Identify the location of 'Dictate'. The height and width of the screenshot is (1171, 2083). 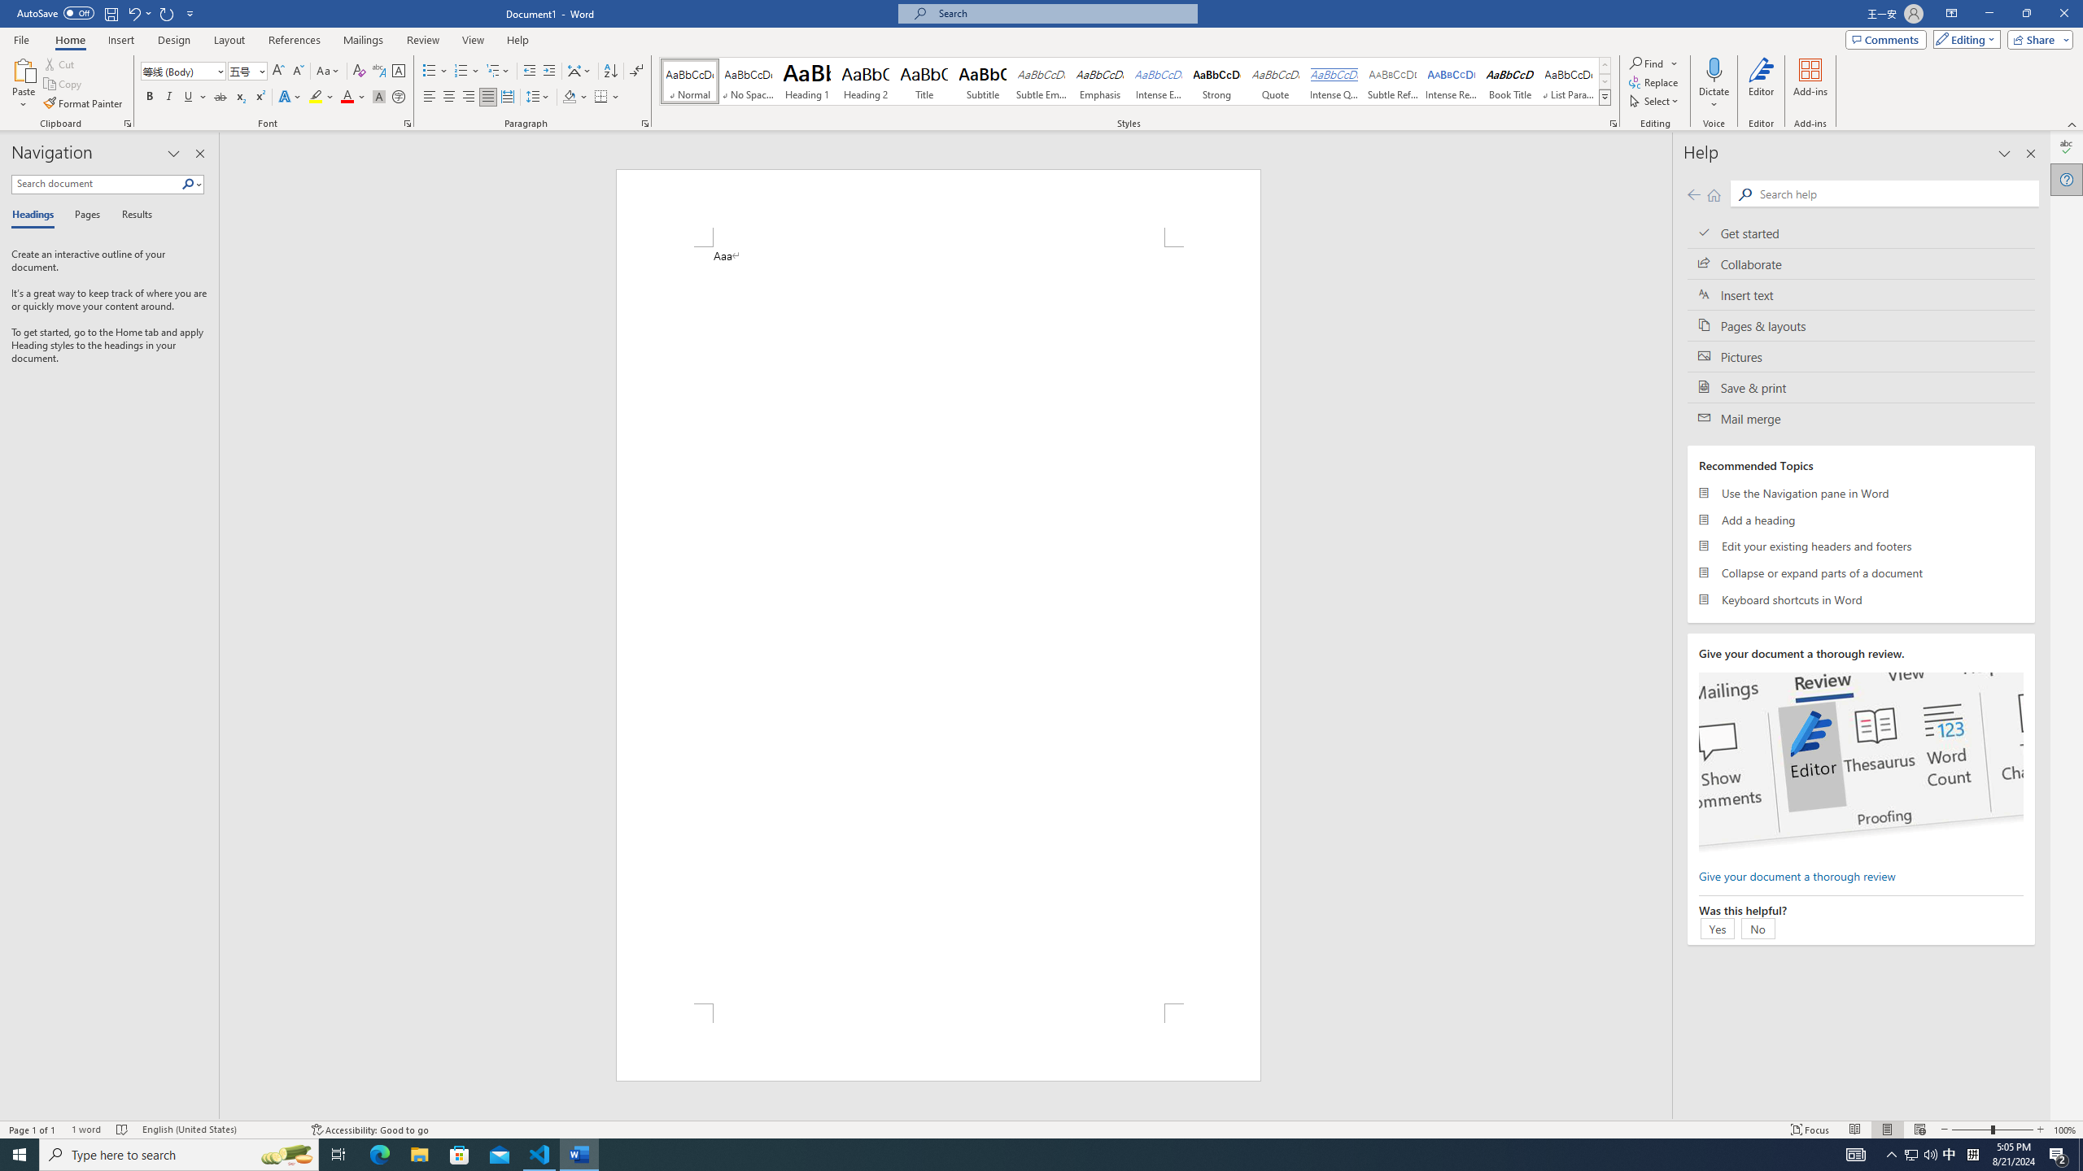
(1714, 84).